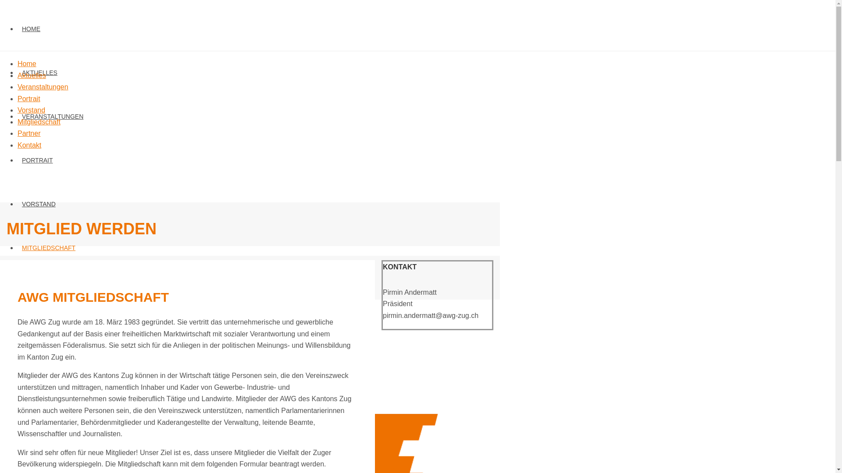 The width and height of the screenshot is (842, 473). I want to click on 'VORSTAND', so click(17, 204).